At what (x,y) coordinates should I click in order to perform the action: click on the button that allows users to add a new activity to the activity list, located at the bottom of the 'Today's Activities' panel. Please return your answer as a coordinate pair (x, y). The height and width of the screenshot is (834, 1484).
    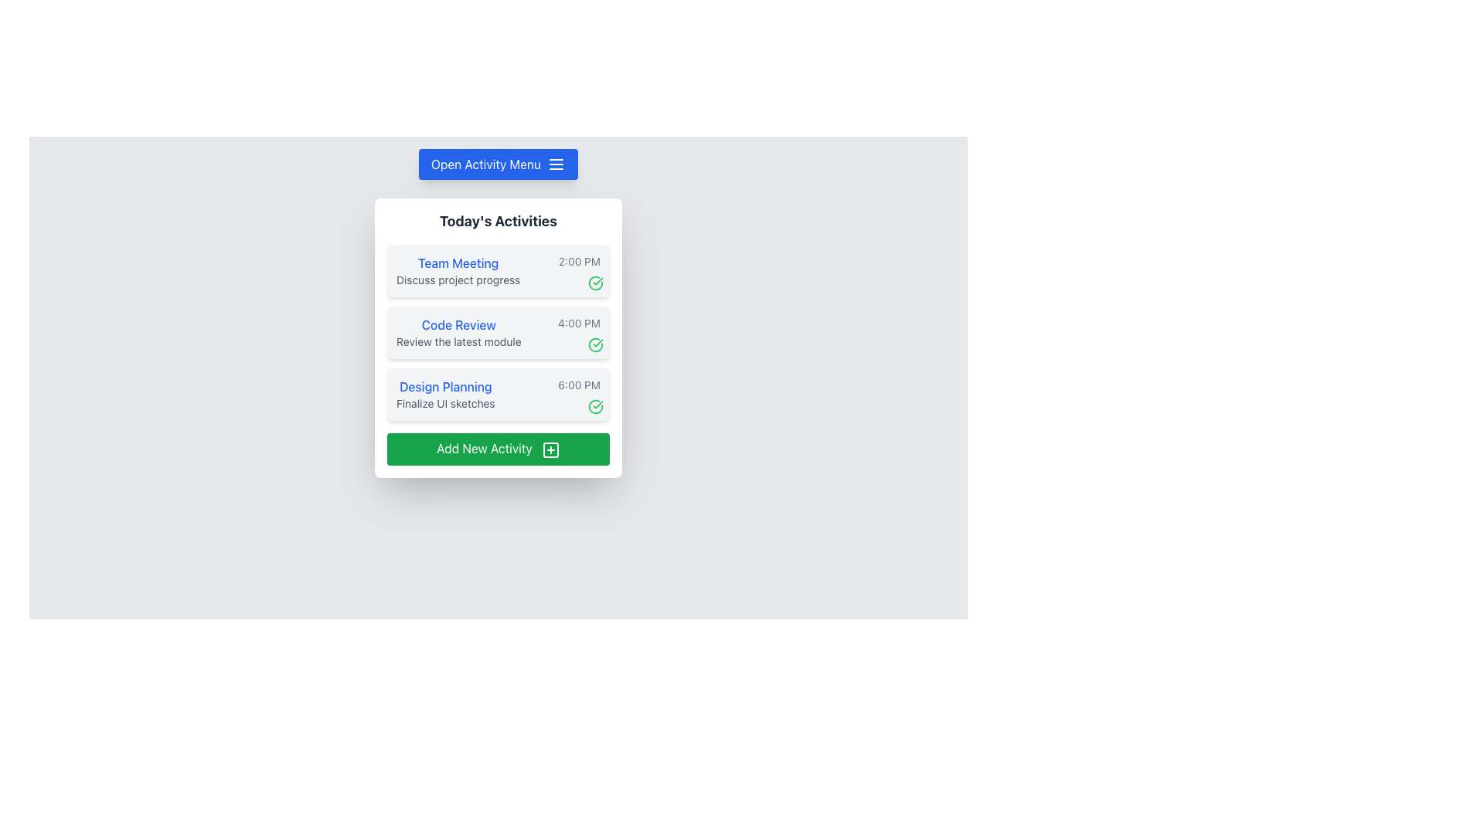
    Looking at the image, I should click on (498, 449).